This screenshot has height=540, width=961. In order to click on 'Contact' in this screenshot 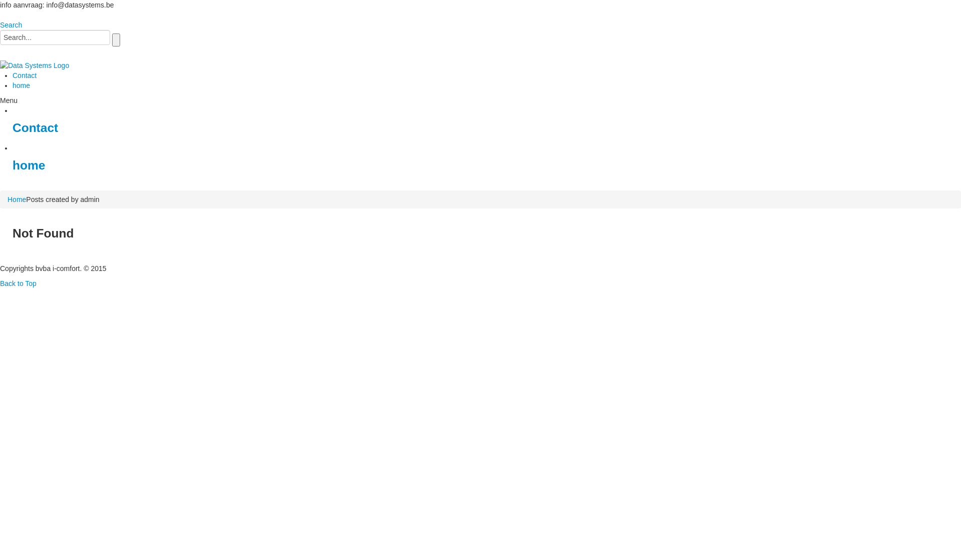, I will do `click(35, 127)`.